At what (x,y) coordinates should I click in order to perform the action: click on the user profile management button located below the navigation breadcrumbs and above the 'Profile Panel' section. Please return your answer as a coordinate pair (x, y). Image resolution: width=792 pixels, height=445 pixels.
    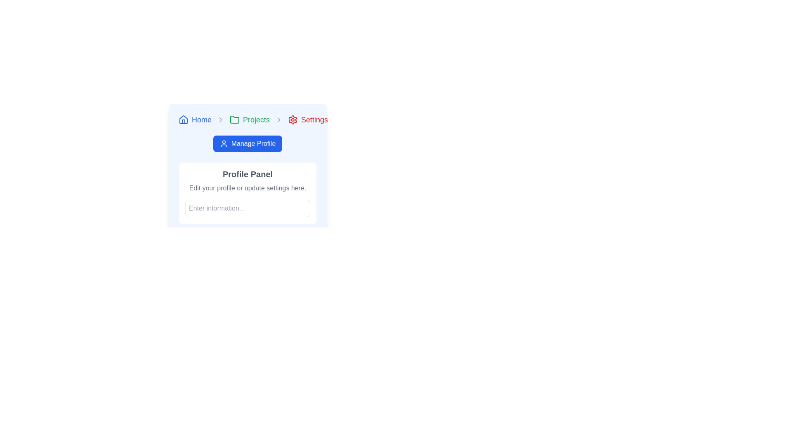
    Looking at the image, I should click on (247, 143).